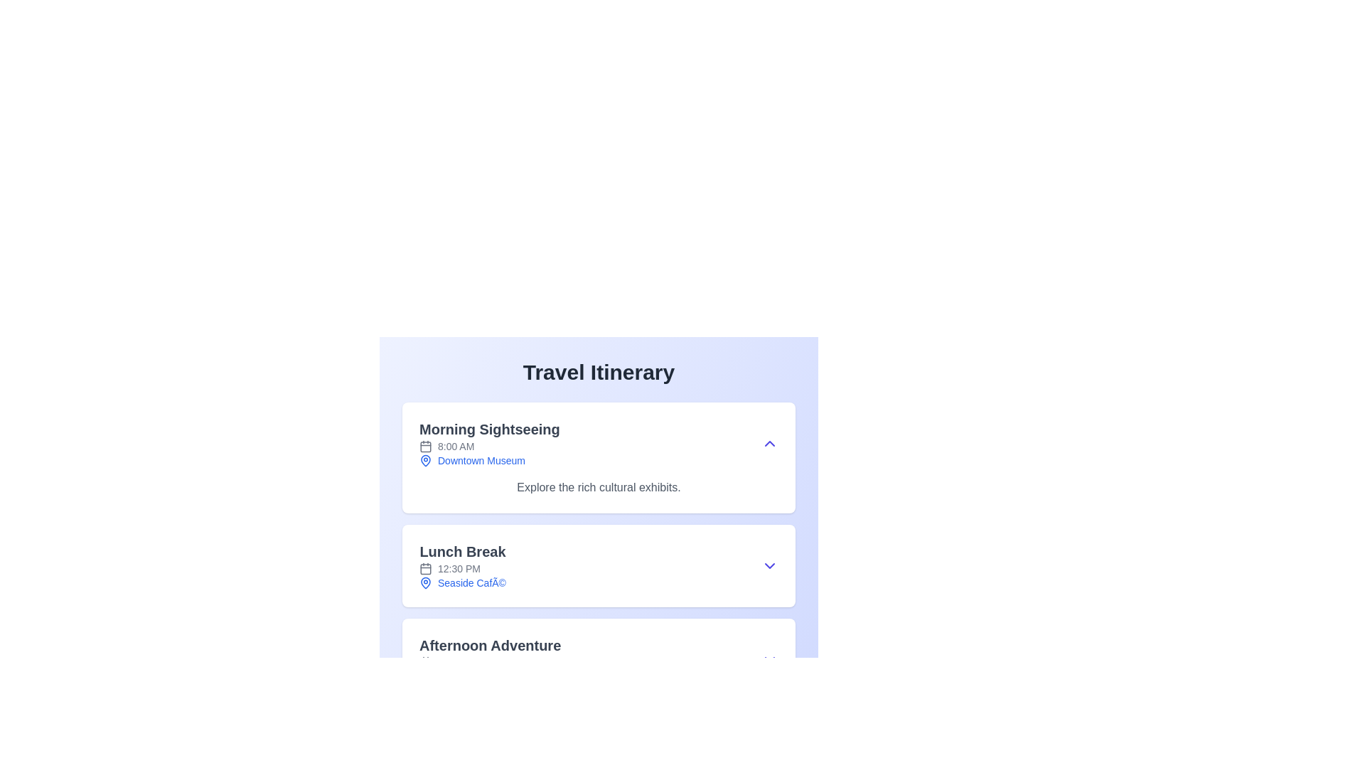 Image resolution: width=1365 pixels, height=768 pixels. What do you see at coordinates (471, 583) in the screenshot?
I see `the blue-colored text 'Seaside Café', which is styled with a serif font and underlined, located below the 'Lunch Break' header at 12:30 PM` at bounding box center [471, 583].